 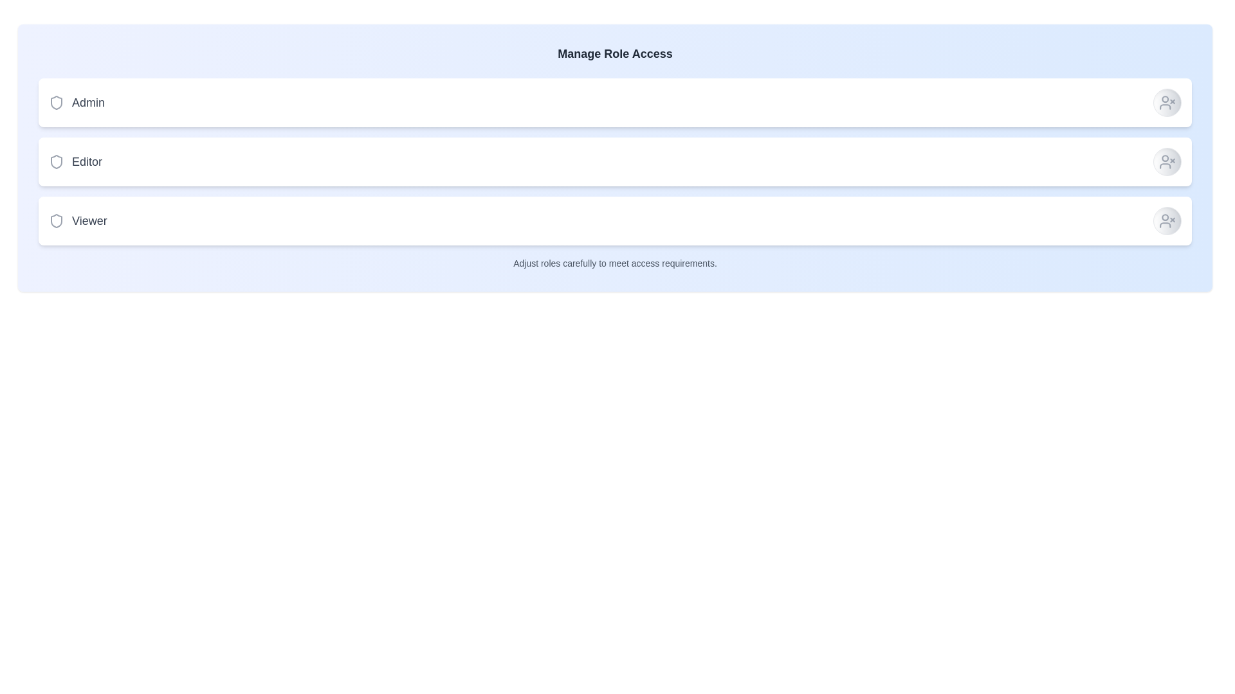 I want to click on the 'Viewer' text label, which is styled with a medium weight font and dark gray color, located in the vertical list of role options, so click(x=89, y=220).